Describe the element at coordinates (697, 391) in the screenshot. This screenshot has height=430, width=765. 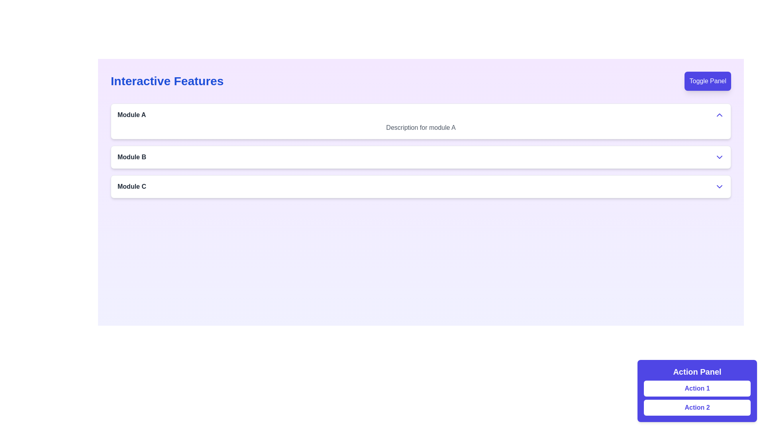
I see `keyboard navigation` at that location.